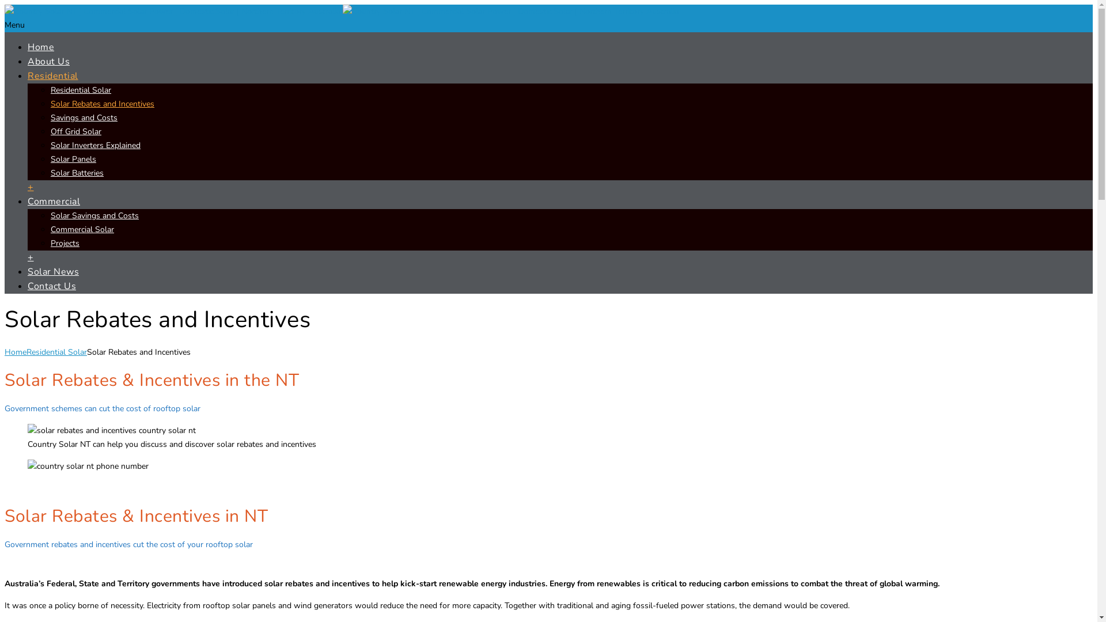 The height and width of the screenshot is (622, 1106). Describe the element at coordinates (102, 104) in the screenshot. I see `'Solar Rebates and Incentives'` at that location.